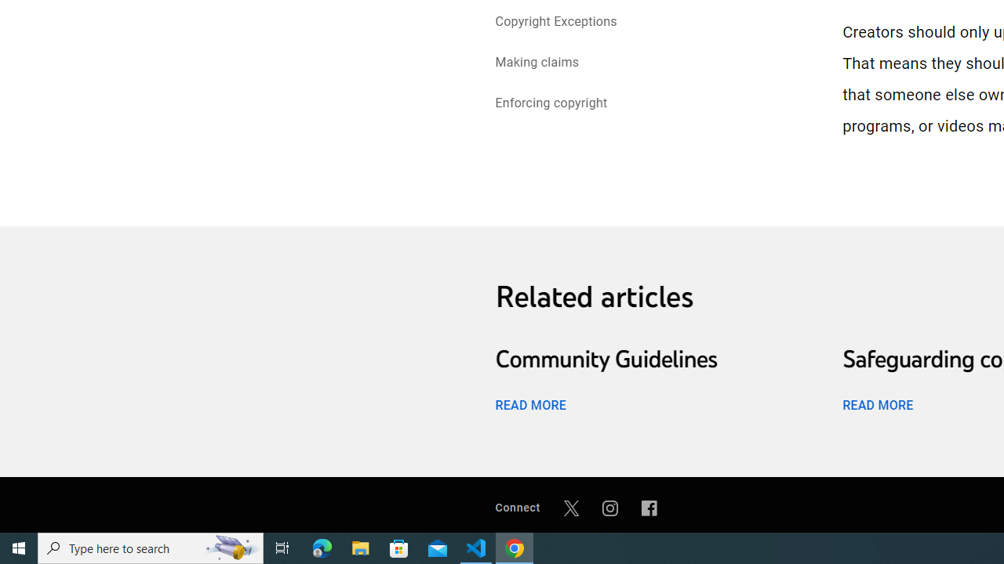  What do you see at coordinates (551, 104) in the screenshot?
I see `'Enforcing copyright'` at bounding box center [551, 104].